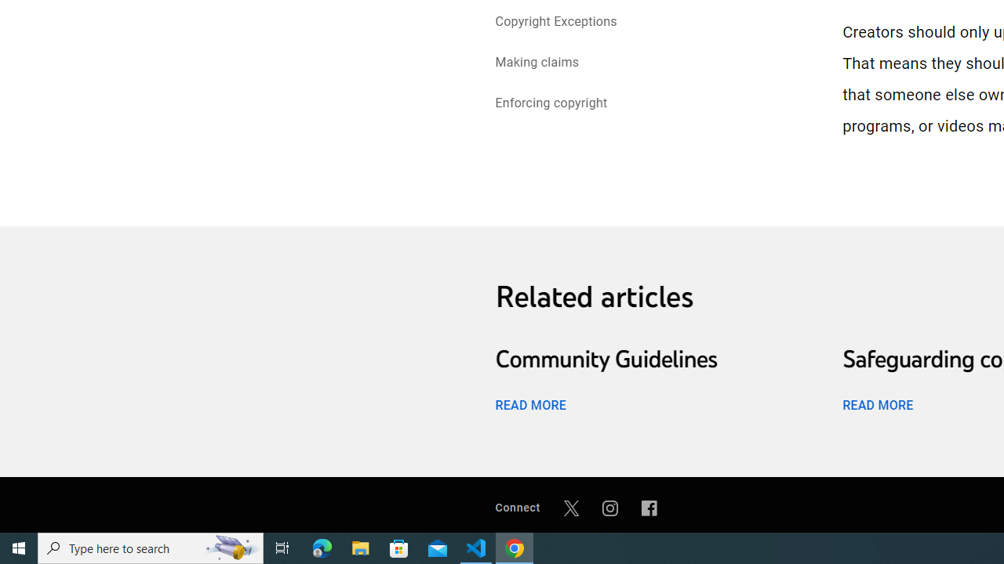  What do you see at coordinates (551, 104) in the screenshot?
I see `'Enforcing copyright'` at bounding box center [551, 104].